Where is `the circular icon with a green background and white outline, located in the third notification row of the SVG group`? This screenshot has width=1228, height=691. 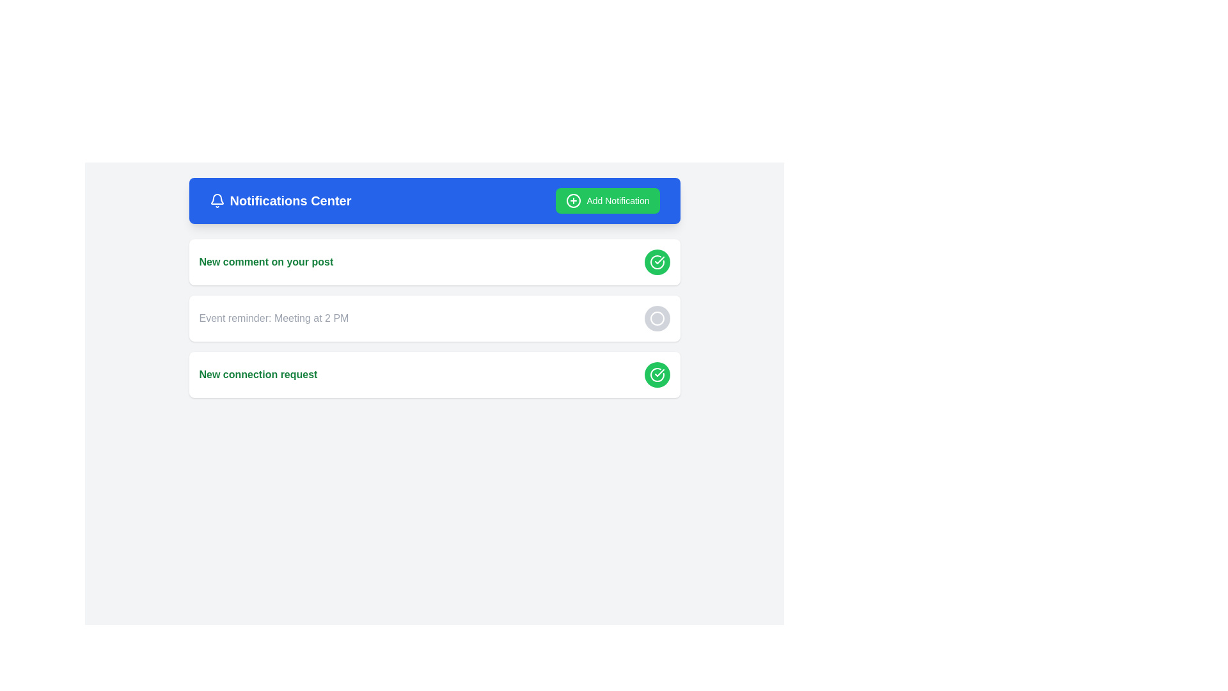
the circular icon with a green background and white outline, located in the third notification row of the SVG group is located at coordinates (657, 374).